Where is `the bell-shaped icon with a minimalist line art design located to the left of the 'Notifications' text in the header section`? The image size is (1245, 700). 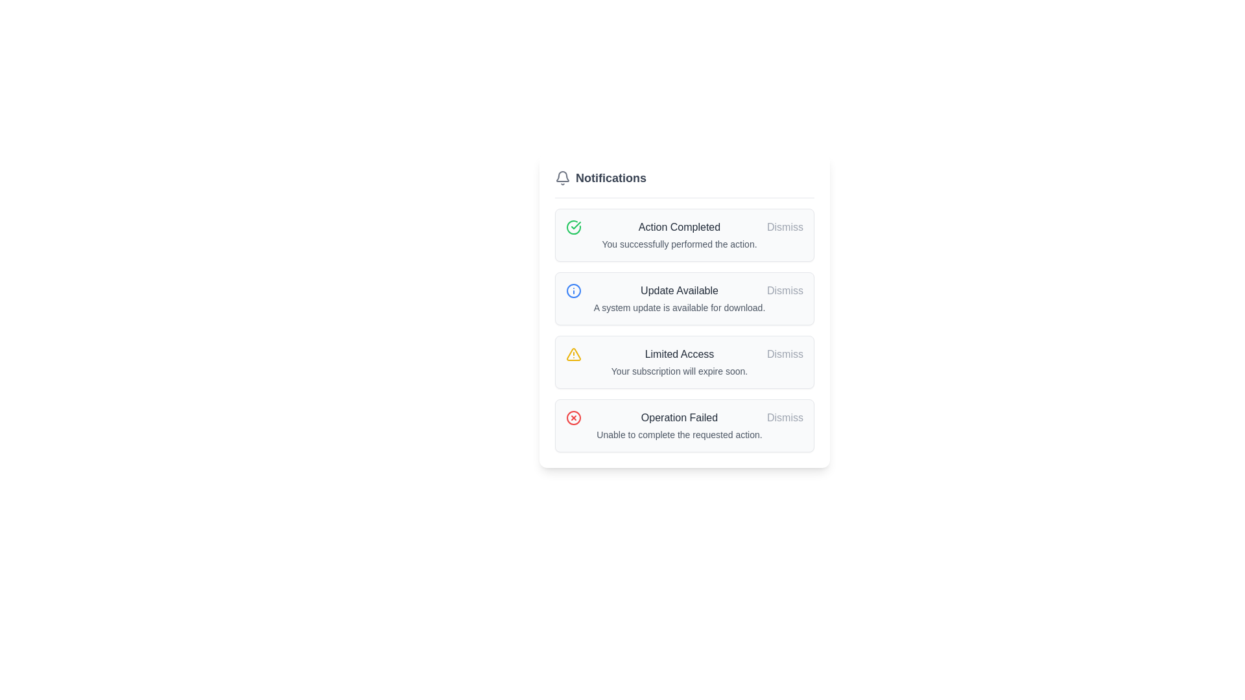 the bell-shaped icon with a minimalist line art design located to the left of the 'Notifications' text in the header section is located at coordinates (563, 178).